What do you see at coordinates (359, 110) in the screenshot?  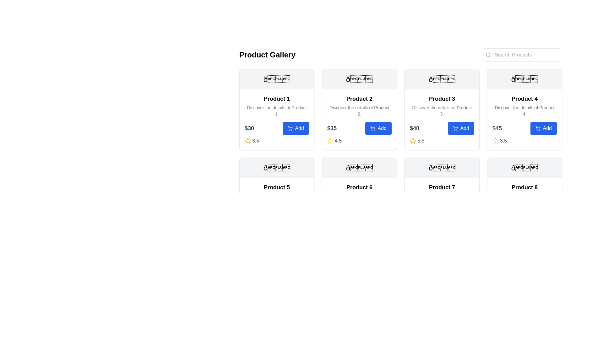 I see `description provided in the text label located above the price and action button for 'Product 2' in the second card of the product grid layout` at bounding box center [359, 110].